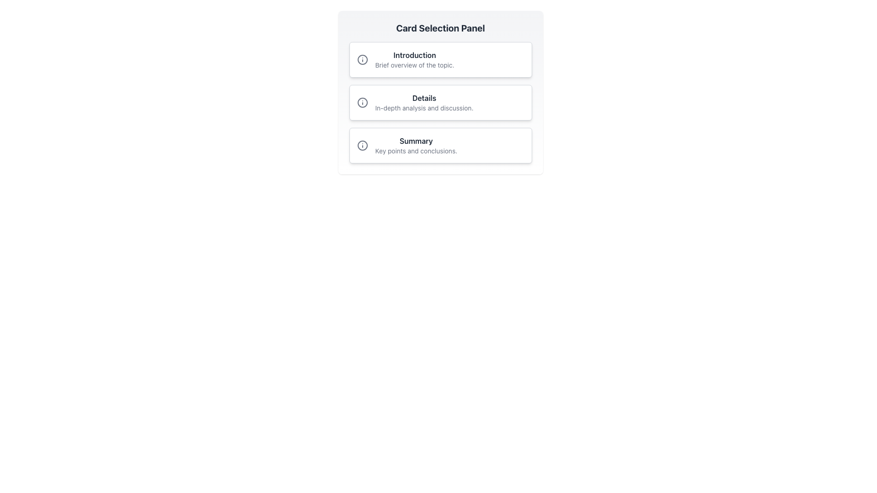 This screenshot has height=493, width=877. Describe the element at coordinates (440, 102) in the screenshot. I see `on the second card in the vertical stack of three cards, positioned between 'Introduction' and 'Summary'` at that location.